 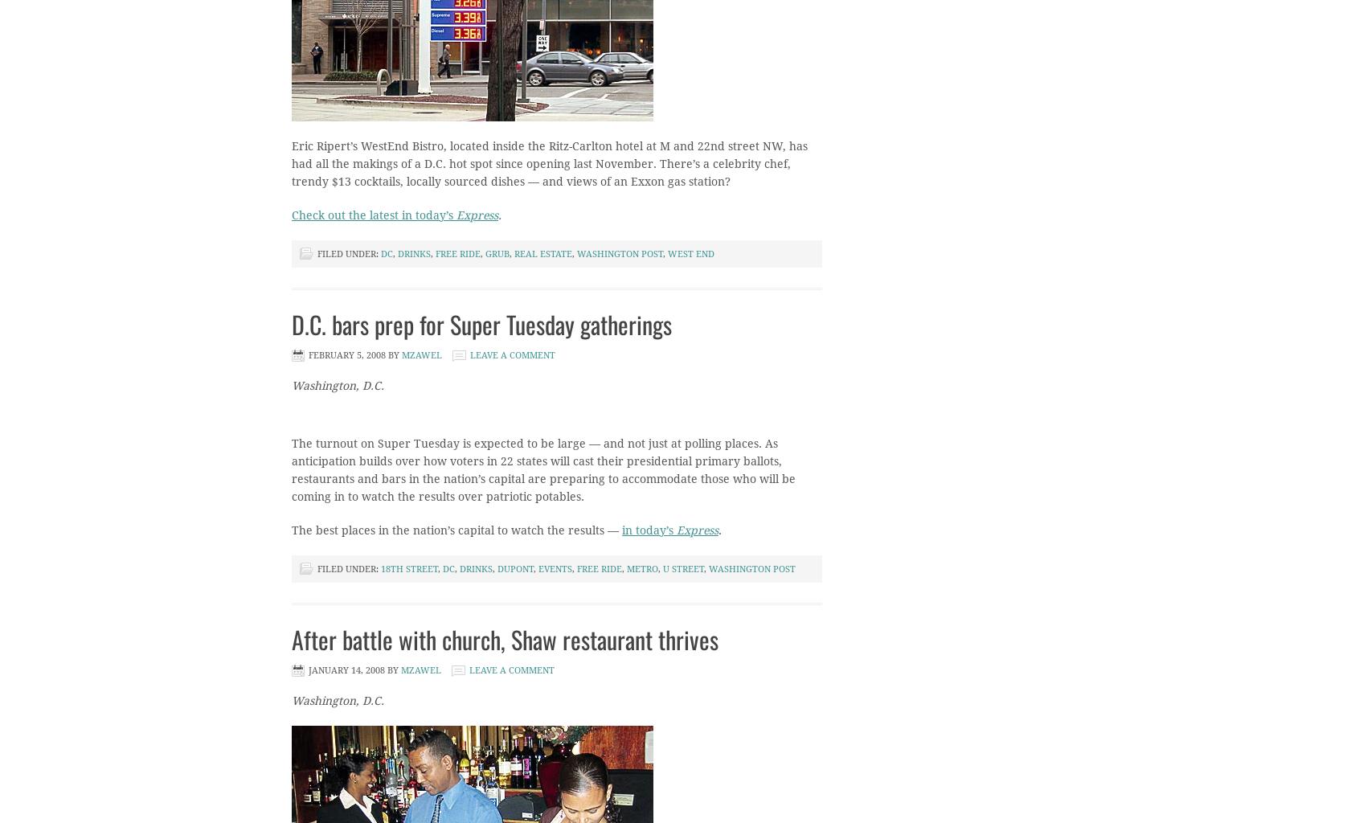 I want to click on 'metro', so click(x=642, y=569).